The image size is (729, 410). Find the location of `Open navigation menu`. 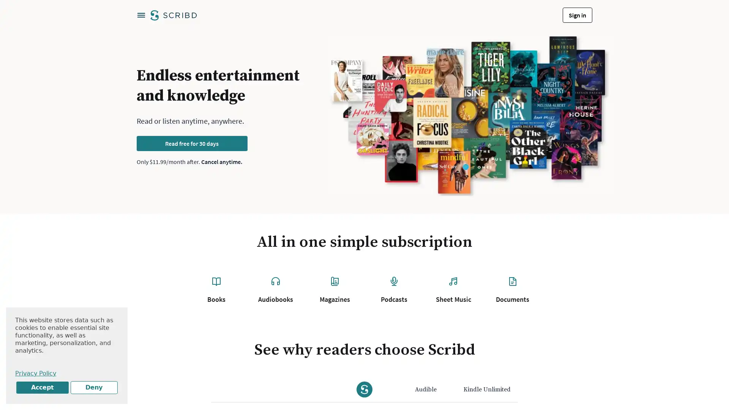

Open navigation menu is located at coordinates (141, 15).